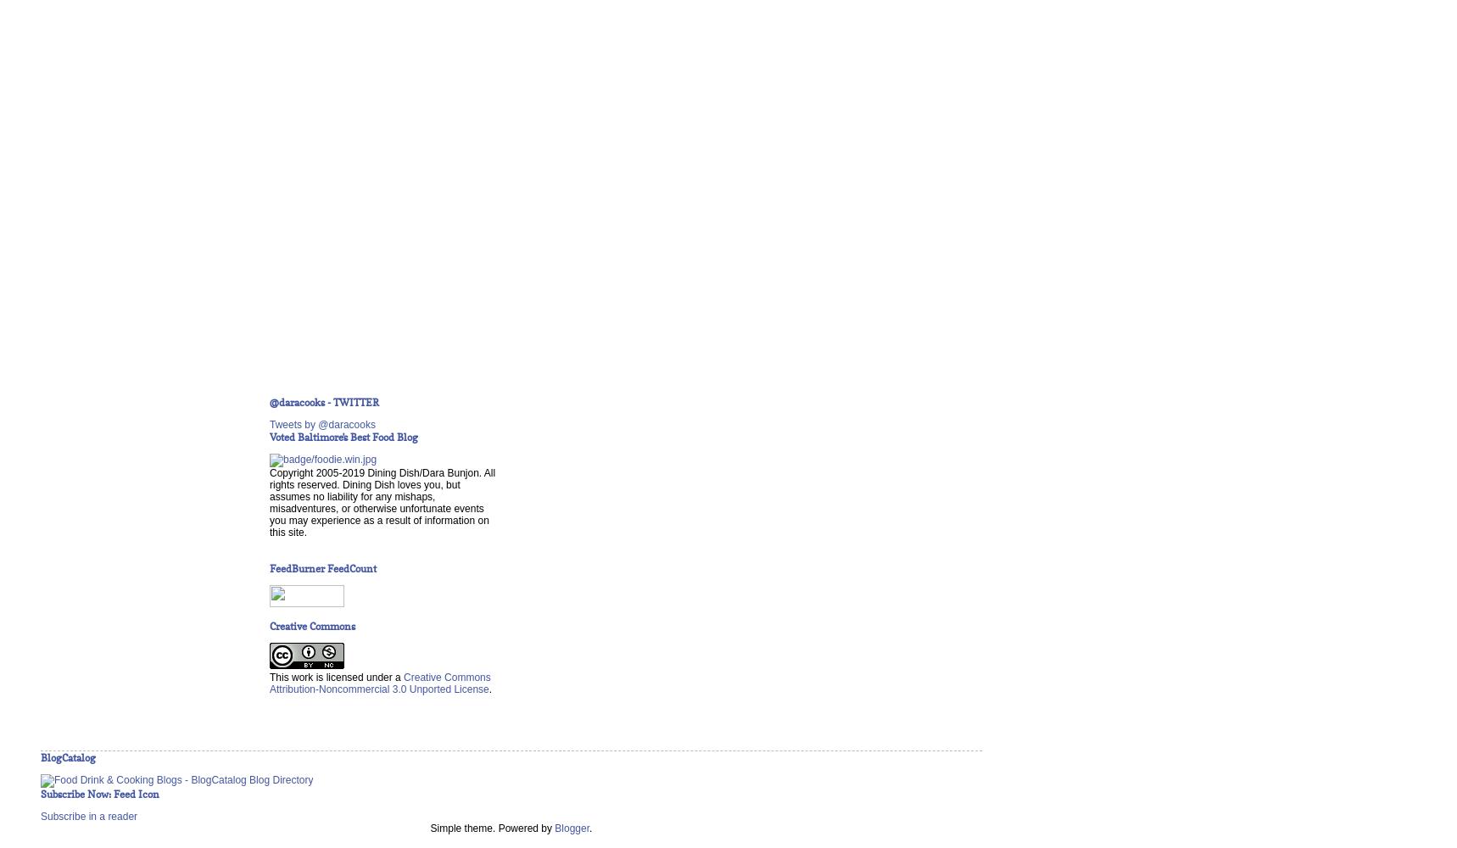 Image resolution: width=1457 pixels, height=848 pixels. I want to click on 'Blogger', so click(555, 828).